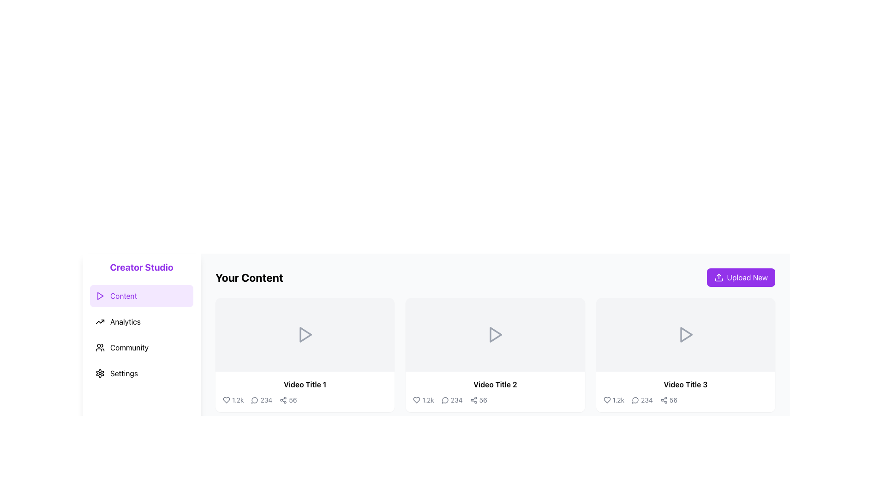 The width and height of the screenshot is (886, 498). I want to click on the 'Analytics' button located below the 'Content' button and above the 'Community' button in the vertical navigation list, so click(141, 321).